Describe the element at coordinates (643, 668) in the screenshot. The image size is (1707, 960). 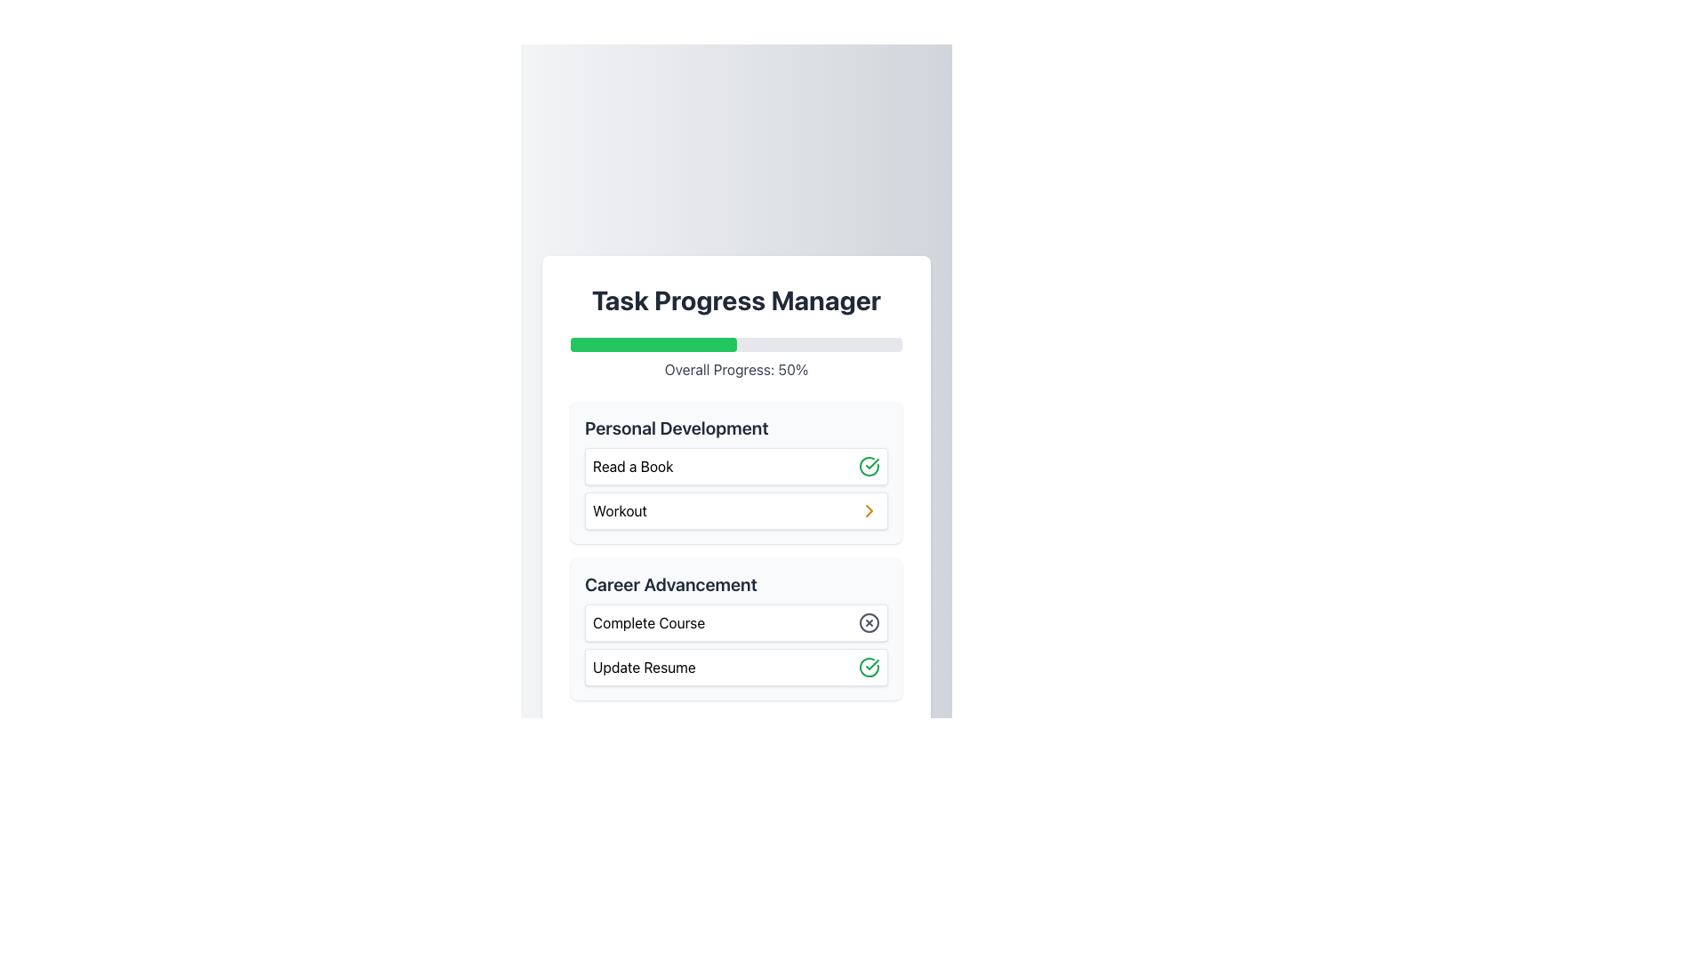
I see `text label that says 'Update Resume', which is positioned in the bottom row of the 'Career Advancement' section within a card-like UI component` at that location.